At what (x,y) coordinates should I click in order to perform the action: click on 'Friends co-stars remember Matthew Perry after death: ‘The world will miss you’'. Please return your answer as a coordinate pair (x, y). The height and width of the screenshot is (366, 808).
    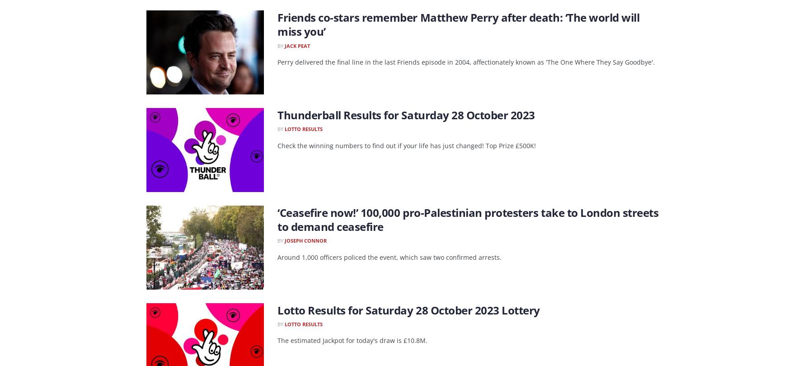
    Looking at the image, I should click on (458, 24).